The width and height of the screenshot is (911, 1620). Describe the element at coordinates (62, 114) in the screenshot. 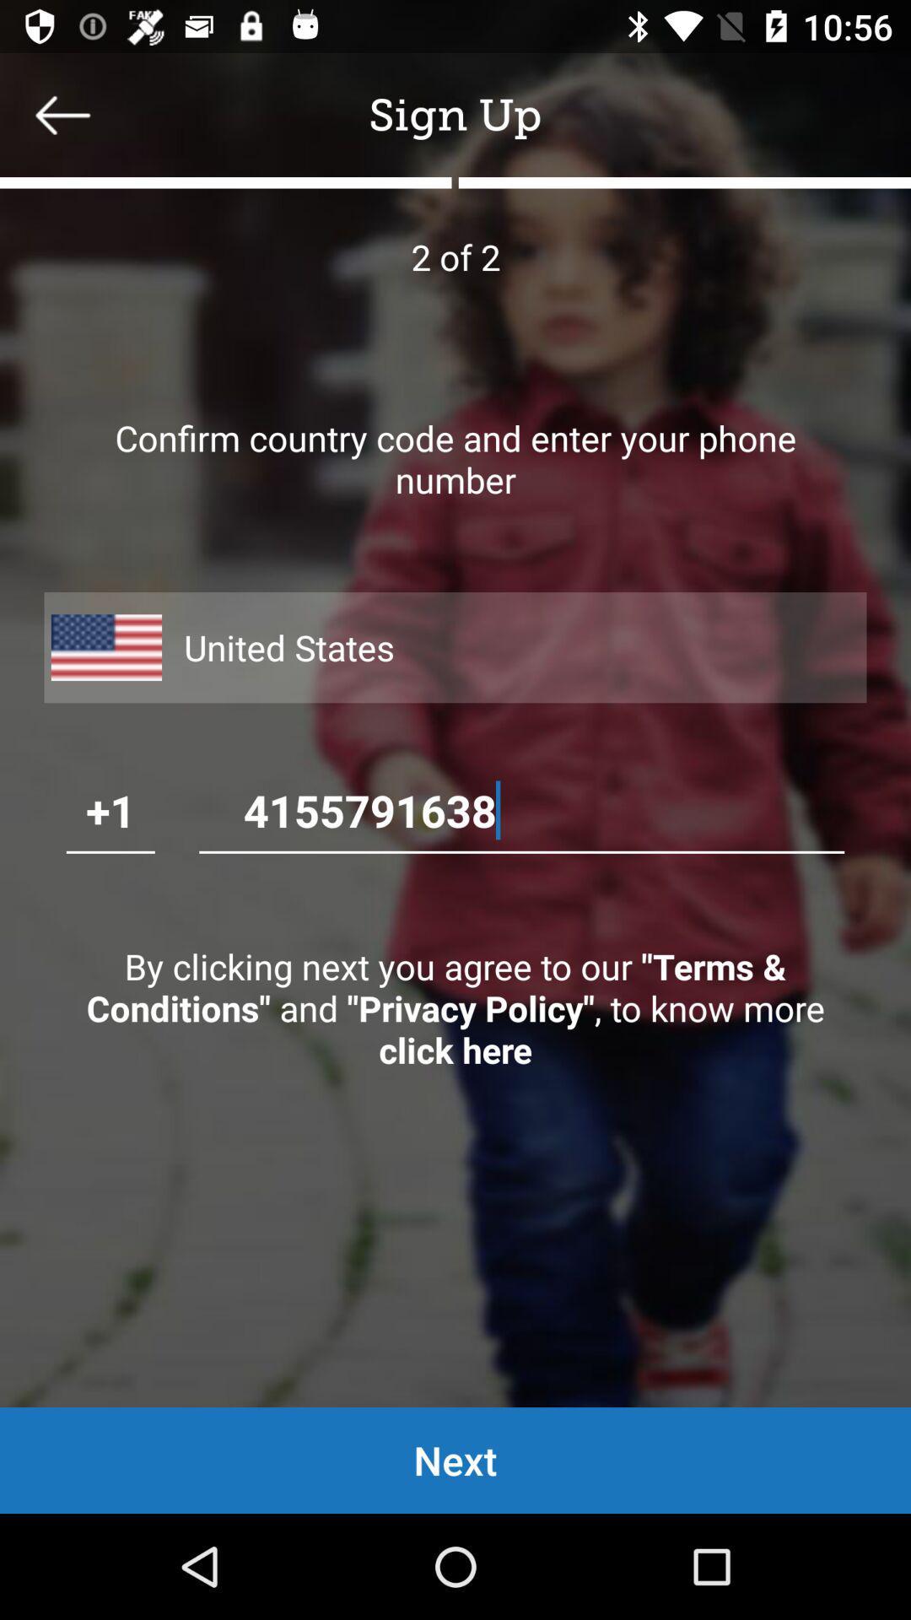

I see `back` at that location.